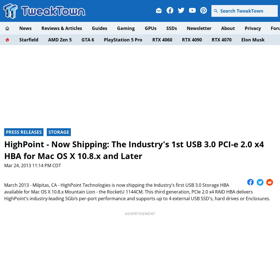 The image size is (280, 280). What do you see at coordinates (25, 28) in the screenshot?
I see `'News'` at bounding box center [25, 28].